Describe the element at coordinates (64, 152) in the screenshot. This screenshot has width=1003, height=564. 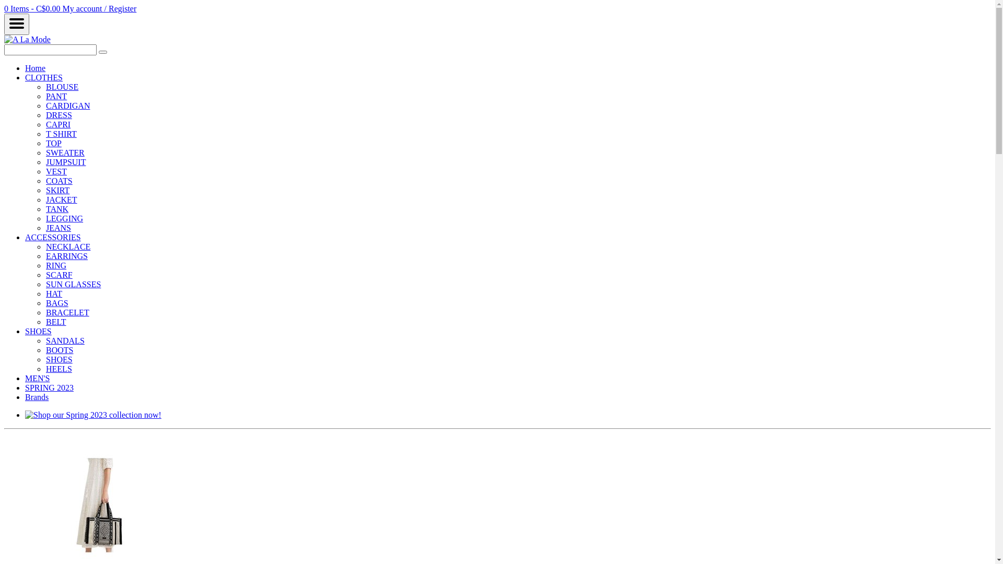
I see `'SWEATER'` at that location.